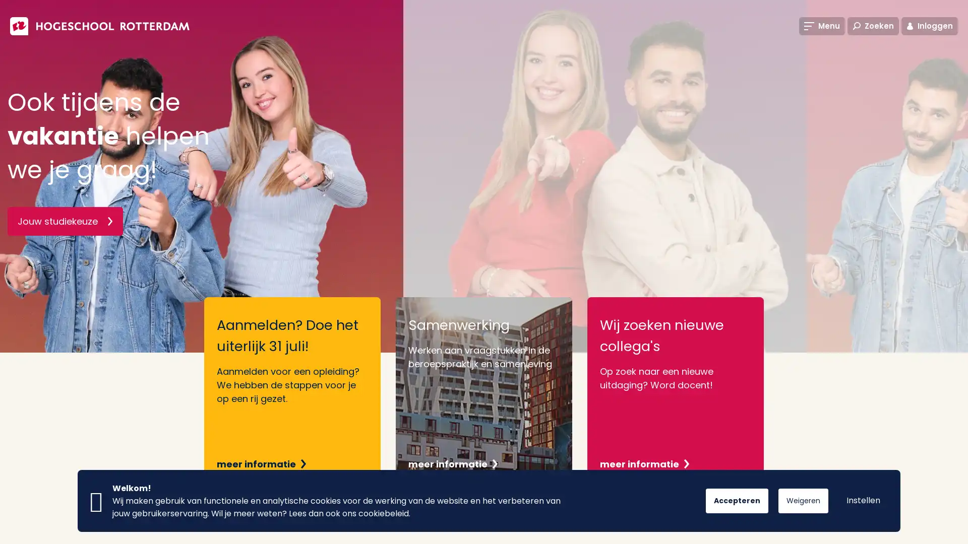  I want to click on Weigeren, so click(802, 501).